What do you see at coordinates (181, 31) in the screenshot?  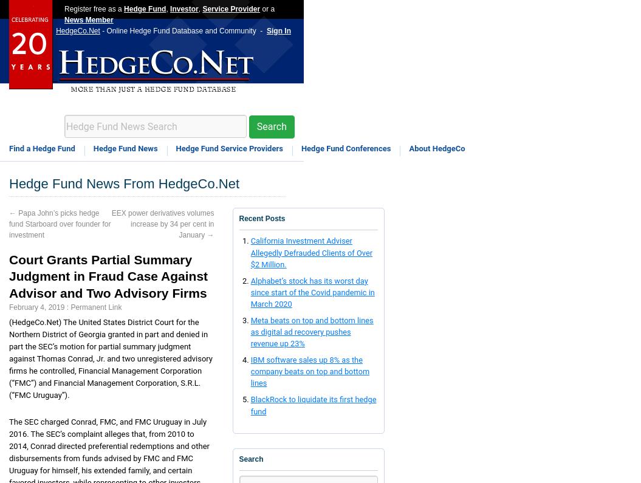 I see `'- Online Hedge Fund Database and Community
                                     -'` at bounding box center [181, 31].